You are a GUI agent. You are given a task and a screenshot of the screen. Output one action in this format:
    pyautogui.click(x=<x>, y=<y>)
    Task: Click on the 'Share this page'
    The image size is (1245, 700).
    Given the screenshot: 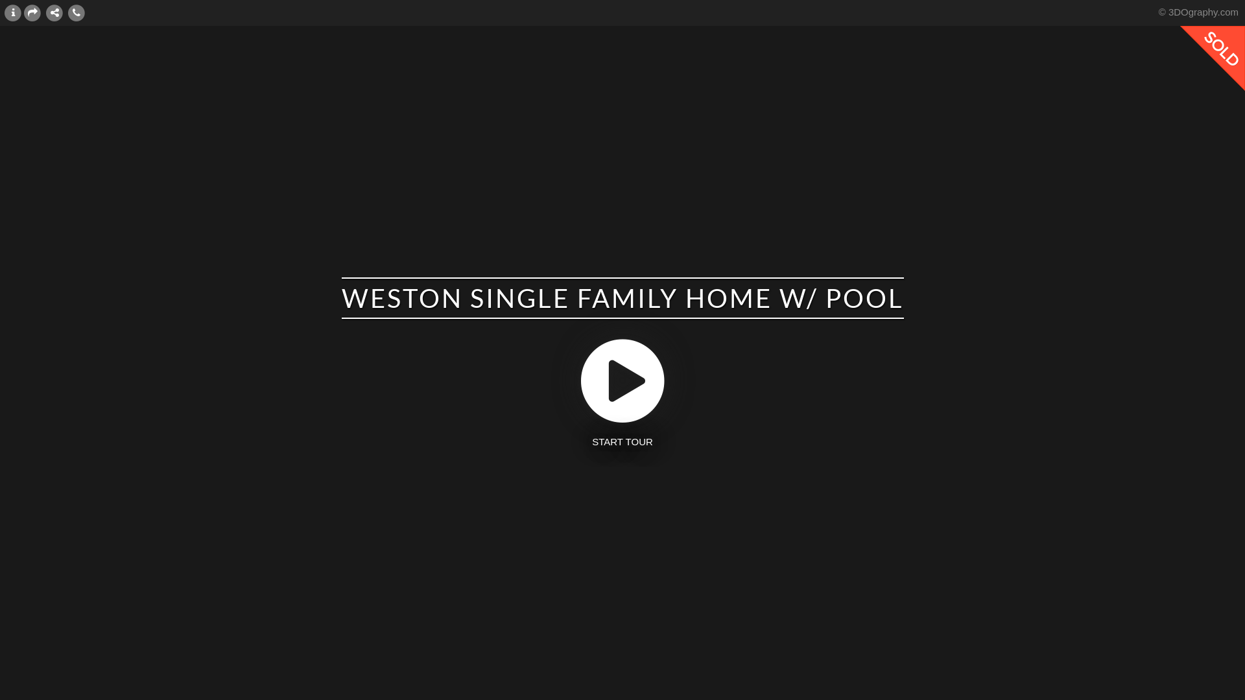 What is the action you would take?
    pyautogui.click(x=32, y=12)
    